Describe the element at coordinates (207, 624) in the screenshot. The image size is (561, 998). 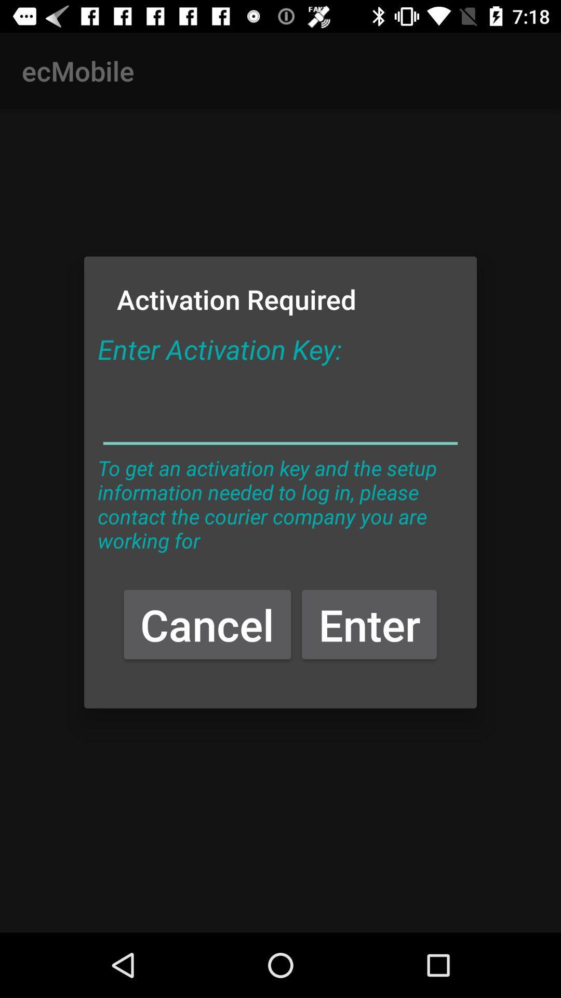
I see `the cancel` at that location.